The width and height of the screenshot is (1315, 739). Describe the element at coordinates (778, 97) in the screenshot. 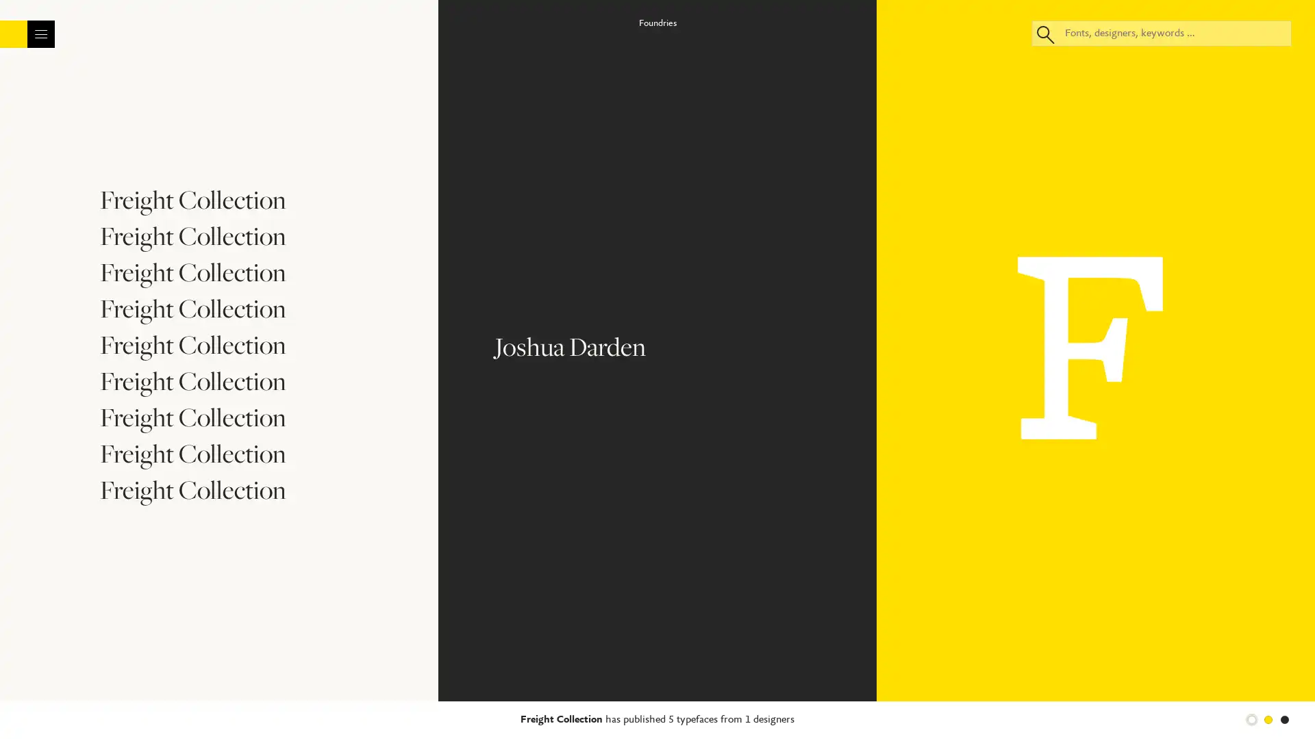

I see `Close` at that location.